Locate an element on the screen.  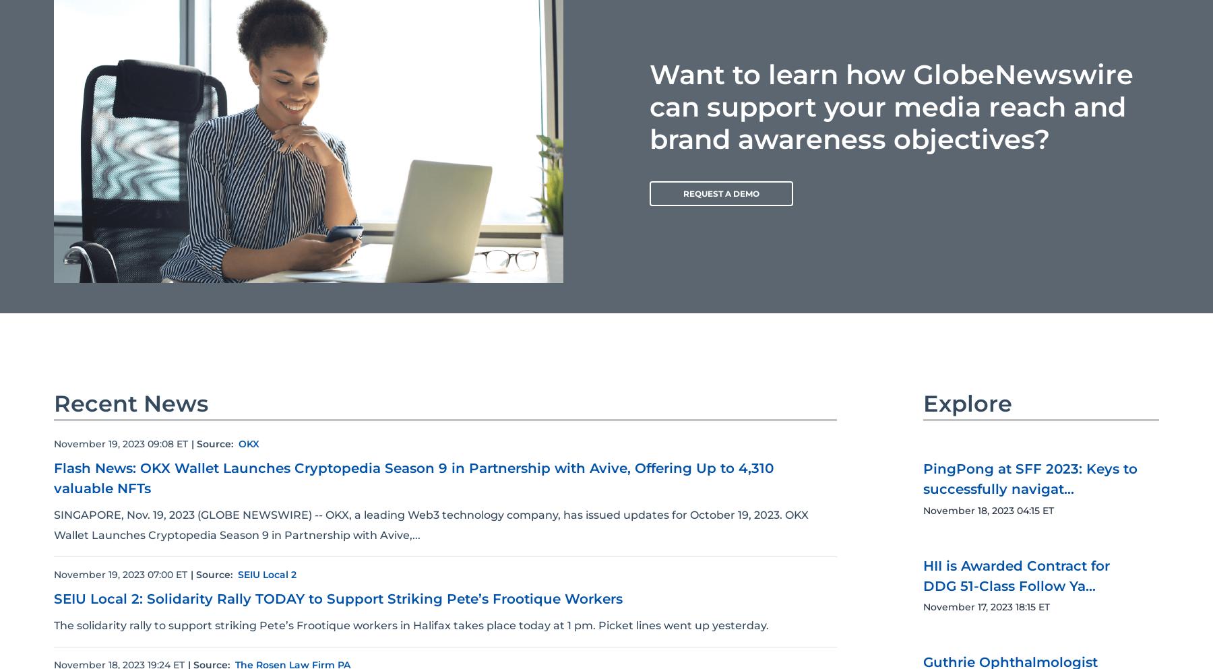
'November 19, 2023 09:08 ET' is located at coordinates (121, 443).